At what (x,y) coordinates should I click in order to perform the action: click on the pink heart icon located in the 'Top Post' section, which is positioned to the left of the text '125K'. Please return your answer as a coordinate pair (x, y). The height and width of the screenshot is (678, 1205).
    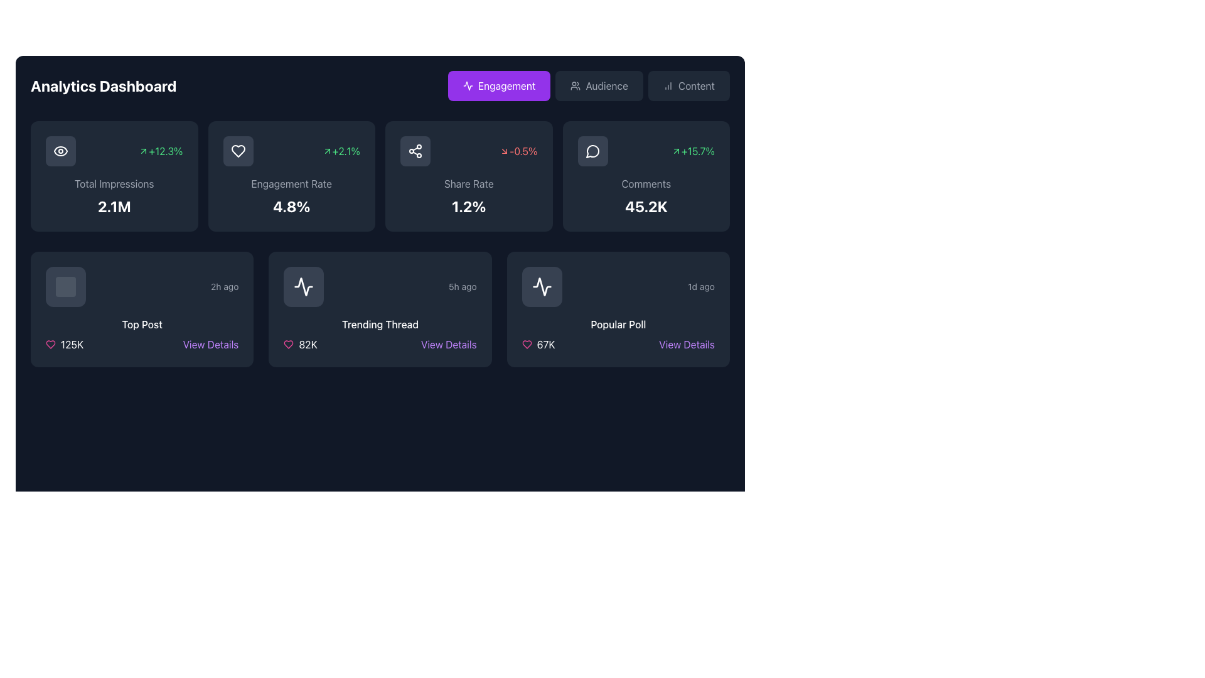
    Looking at the image, I should click on (50, 344).